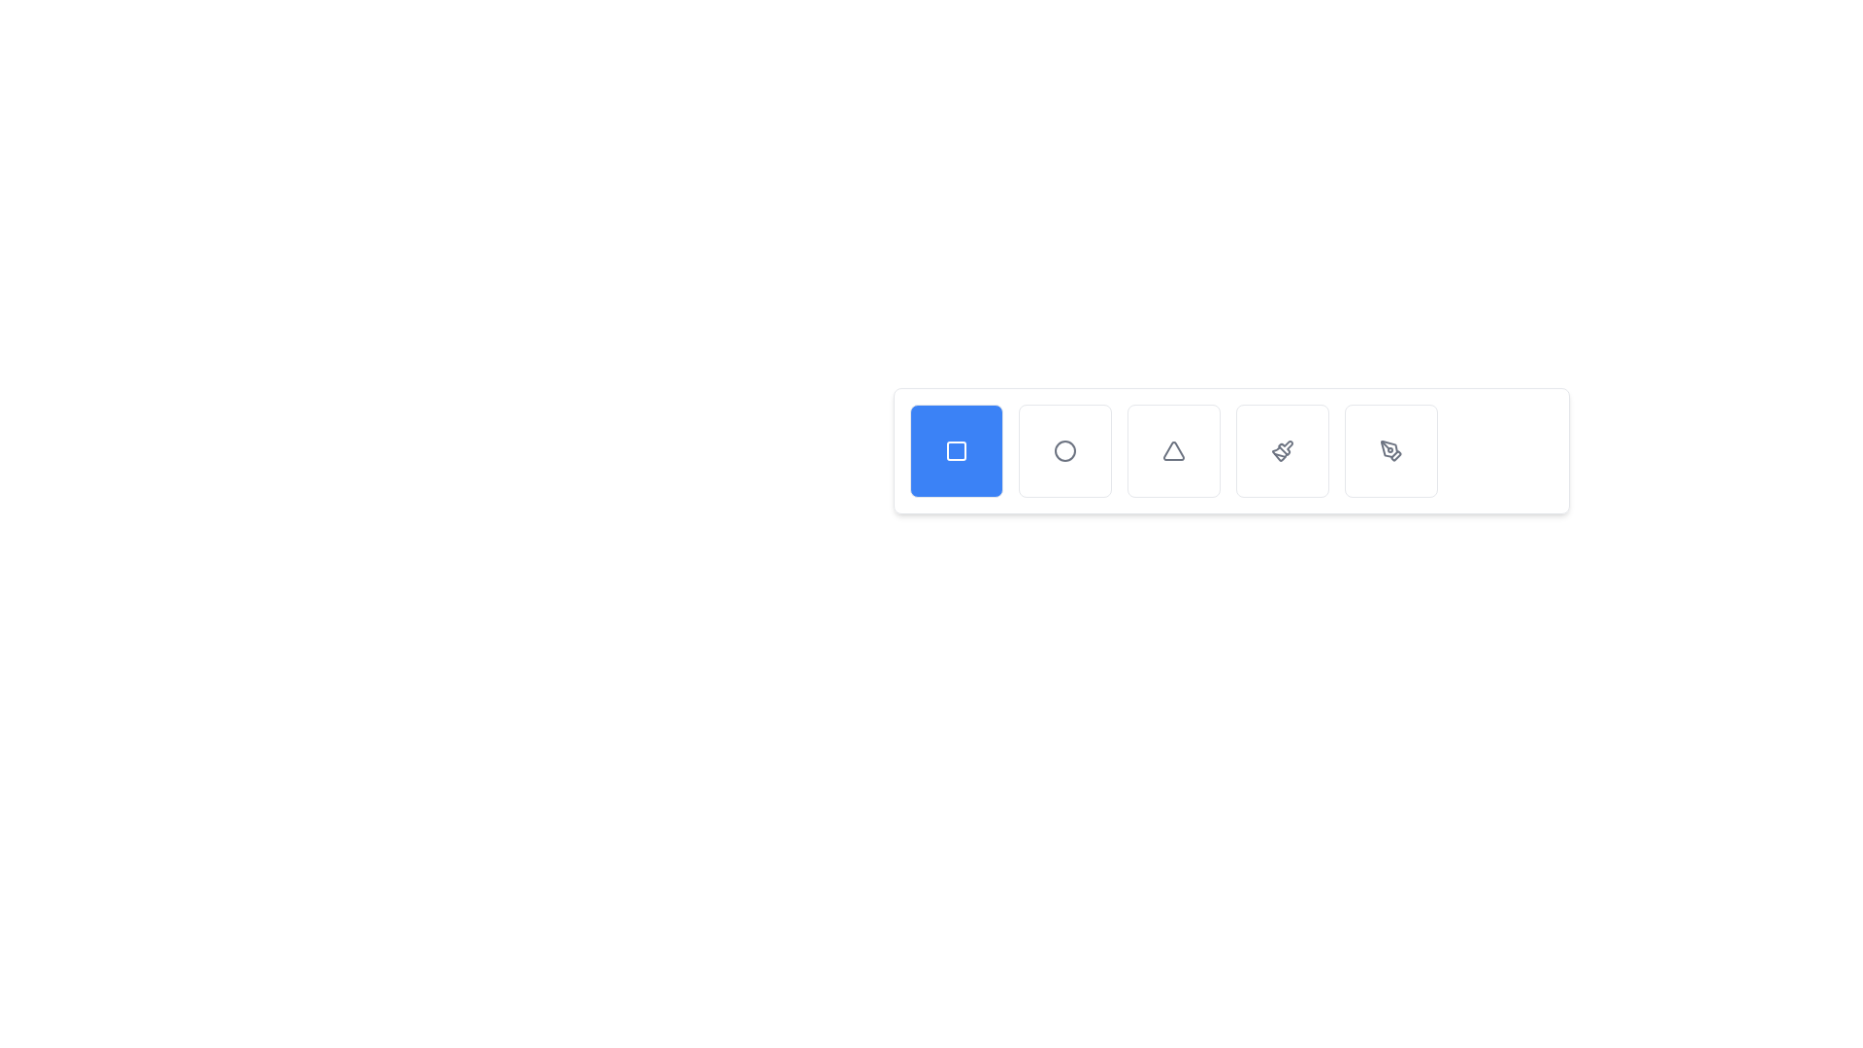 The height and width of the screenshot is (1048, 1863). I want to click on the paintbrush tool button, which is the fourth button in a row, located between the triangle button and the pen-tool button, so click(1282, 451).